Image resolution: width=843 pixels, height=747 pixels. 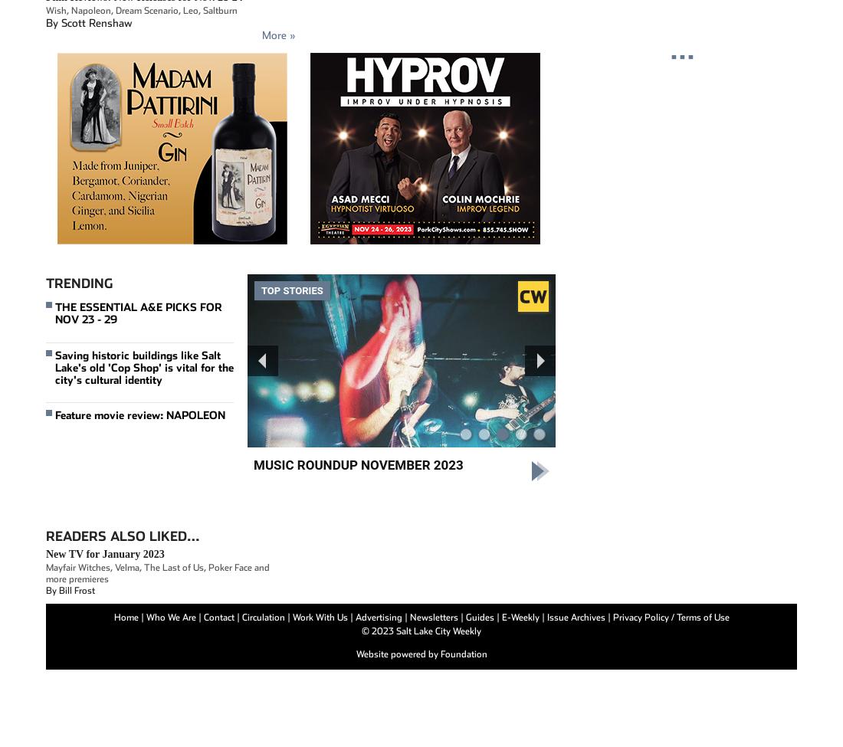 What do you see at coordinates (670, 617) in the screenshot?
I see `'Privacy Policy / Terms of Use'` at bounding box center [670, 617].